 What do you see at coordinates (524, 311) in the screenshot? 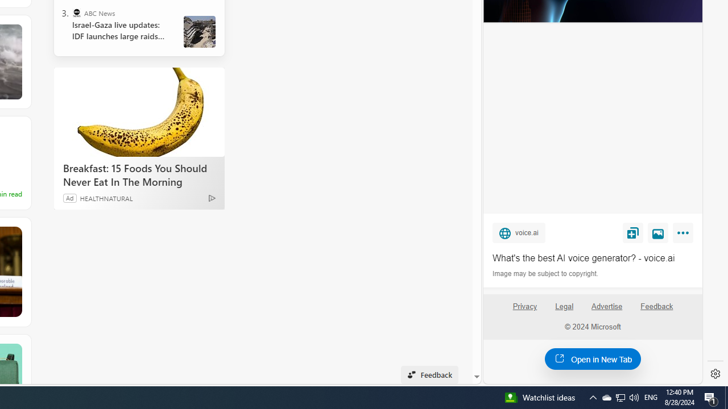
I see `'Privacy'` at bounding box center [524, 311].